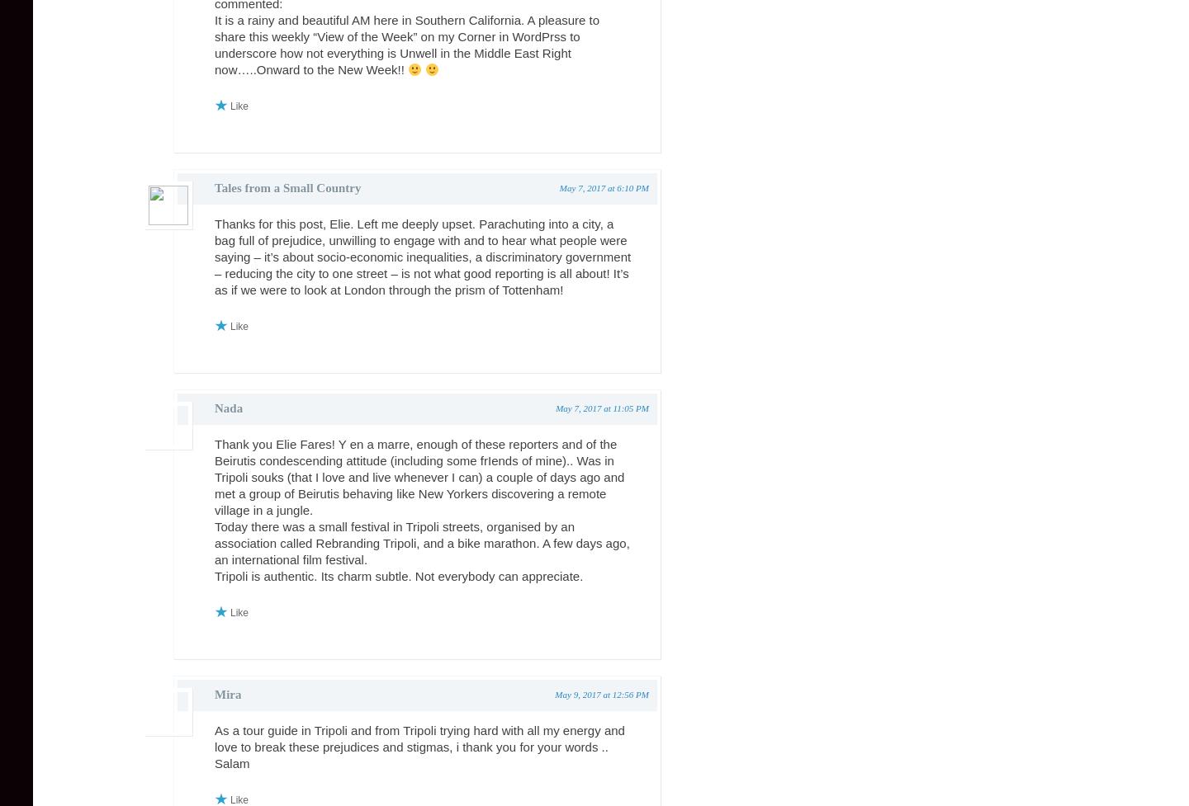 This screenshot has width=1189, height=806. What do you see at coordinates (419, 476) in the screenshot?
I see `'Thank you Elie Fares! Y en a marre, enough of these reporters and of the Beirutis condescending attitude (including some frIends of mine).. Was in Tripoli souks (that I love and live whenever I can) a couple of days ago and met a group of Beirutis behaving like New Yorkers discovering a remote village in a jungle.'` at bounding box center [419, 476].